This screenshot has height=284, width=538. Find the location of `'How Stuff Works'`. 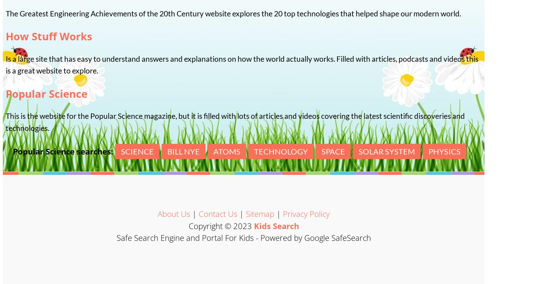

'How Stuff Works' is located at coordinates (49, 36).